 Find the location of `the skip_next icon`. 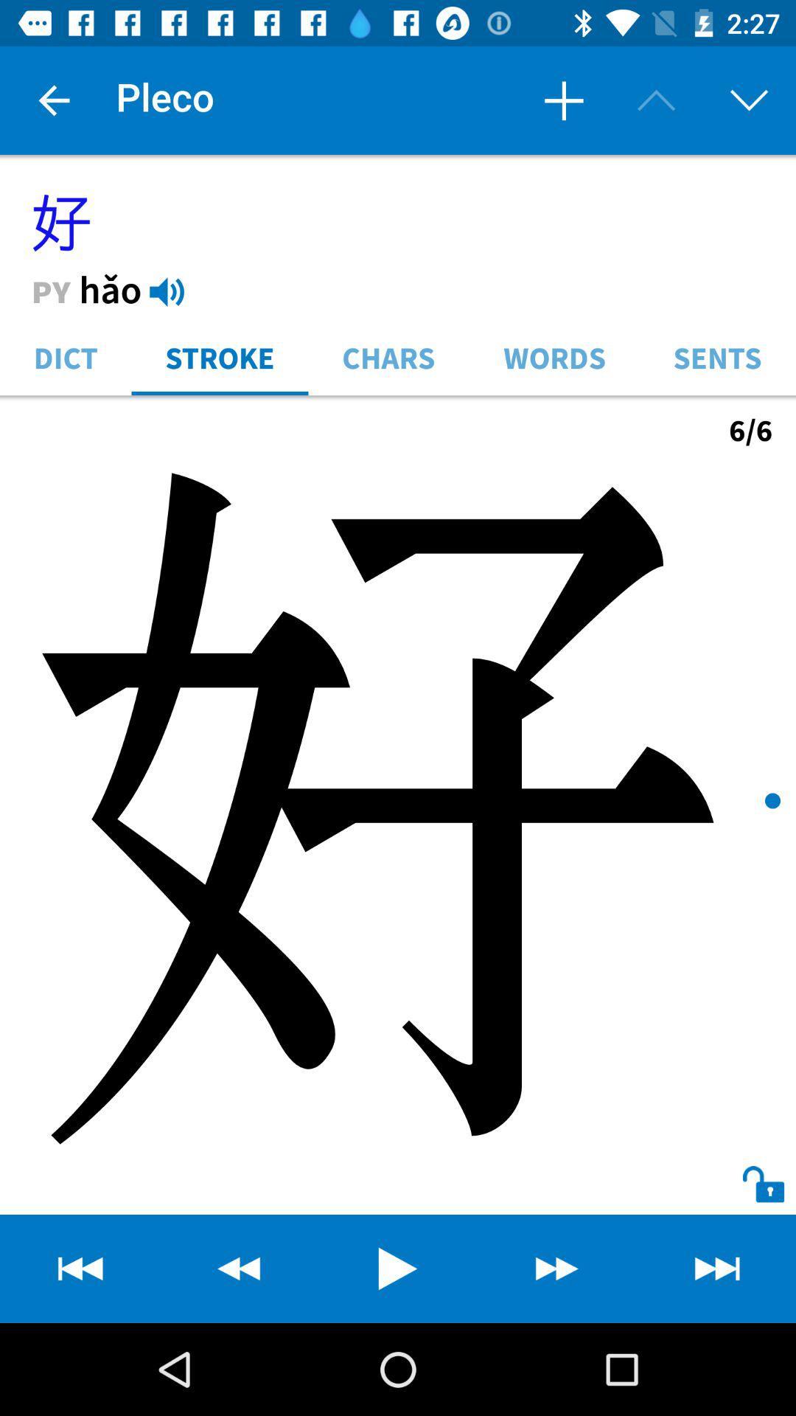

the skip_next icon is located at coordinates (716, 1268).